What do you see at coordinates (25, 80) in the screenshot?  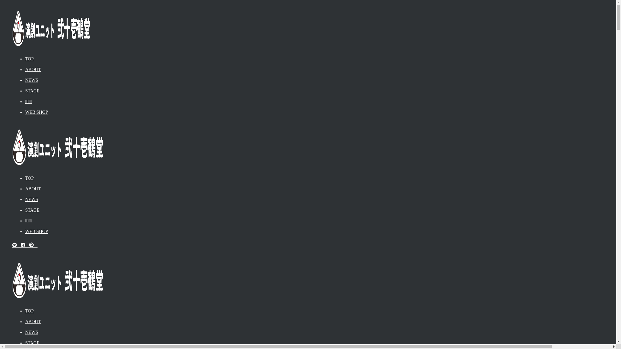 I see `'NEWS'` at bounding box center [25, 80].